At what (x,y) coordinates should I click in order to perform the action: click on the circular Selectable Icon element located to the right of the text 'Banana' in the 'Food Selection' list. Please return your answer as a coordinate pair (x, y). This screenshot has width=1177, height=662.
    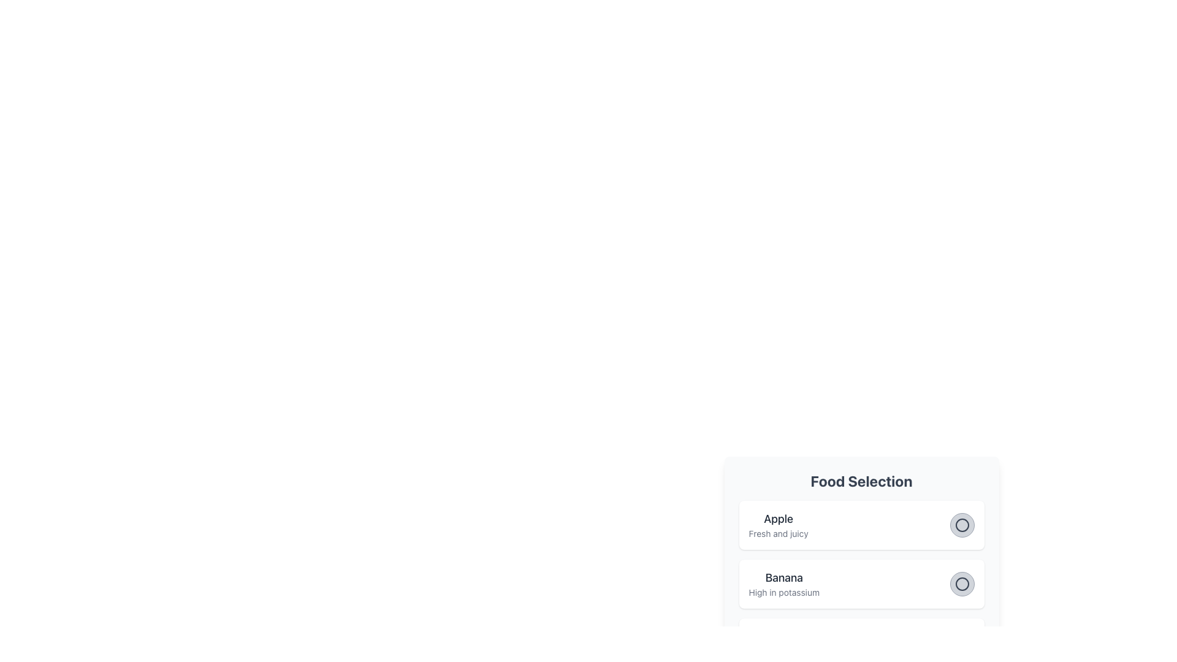
    Looking at the image, I should click on (961, 583).